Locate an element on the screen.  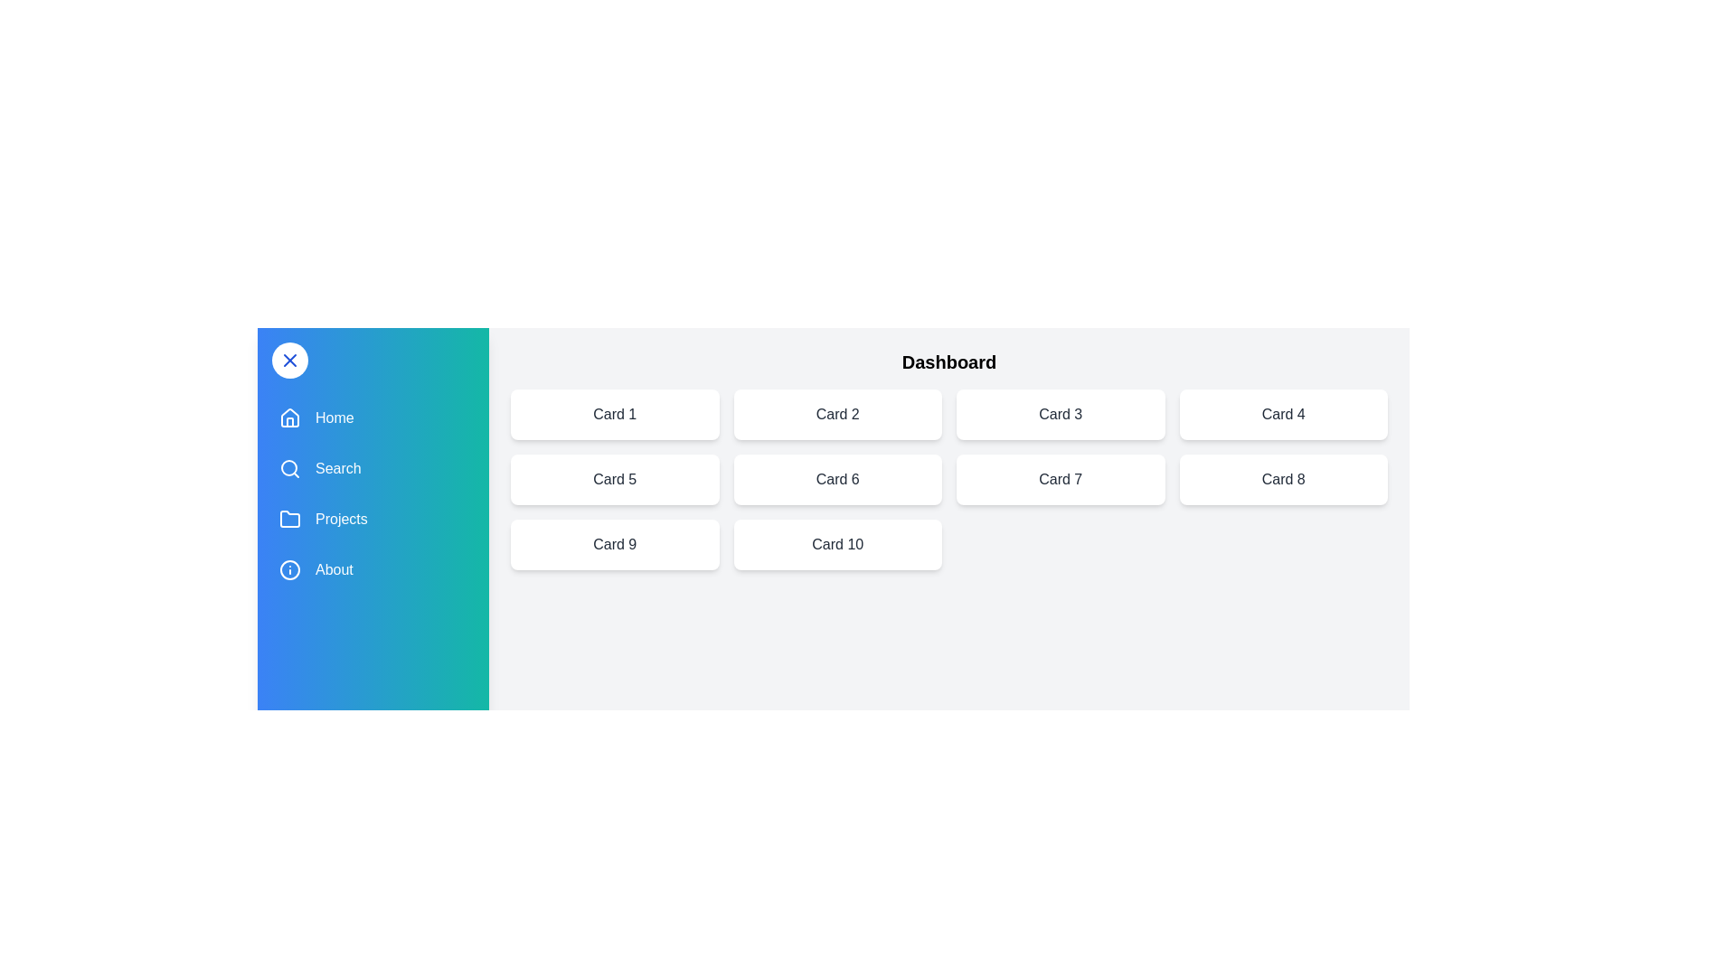
the menu item Projects to navigate or trigger its respective action is located at coordinates (372, 519).